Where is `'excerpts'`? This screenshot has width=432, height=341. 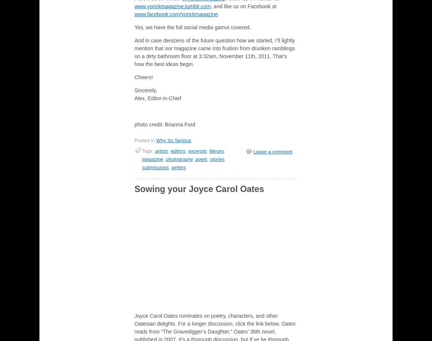
'excerpts' is located at coordinates (188, 151).